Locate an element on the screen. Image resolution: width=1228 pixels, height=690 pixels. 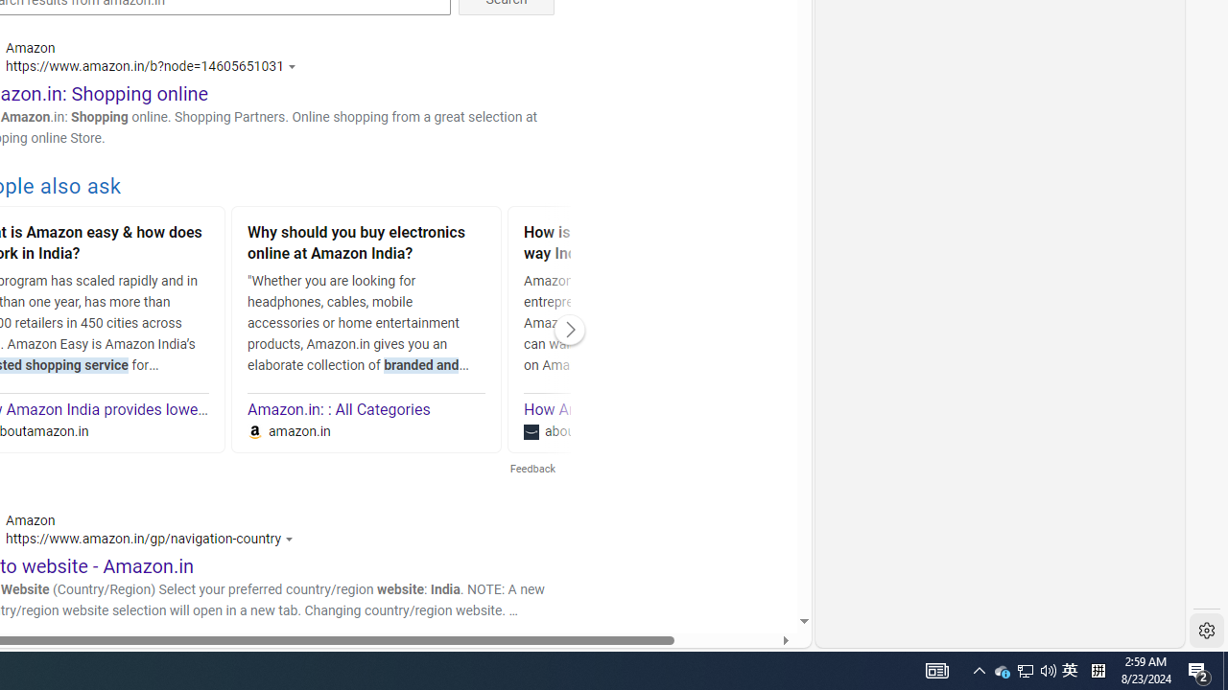
'How is Amazon easy changing the way India buys?' is located at coordinates (643, 244).